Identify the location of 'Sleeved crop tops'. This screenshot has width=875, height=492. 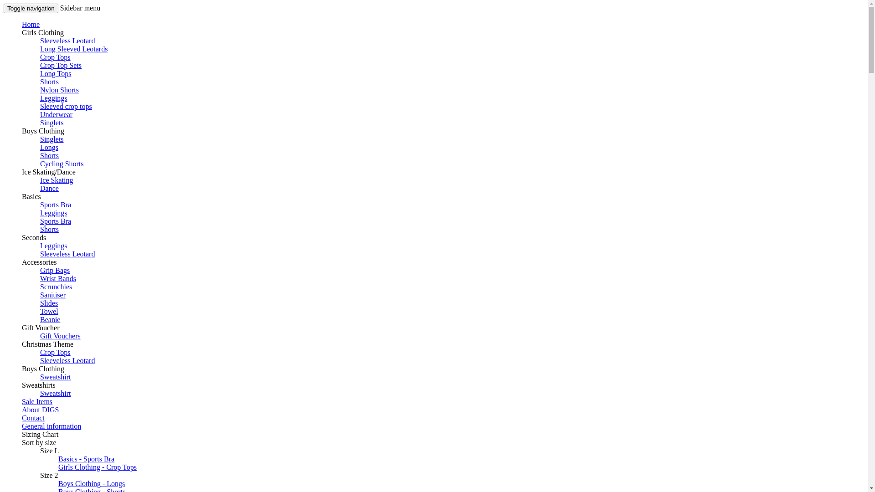
(39, 106).